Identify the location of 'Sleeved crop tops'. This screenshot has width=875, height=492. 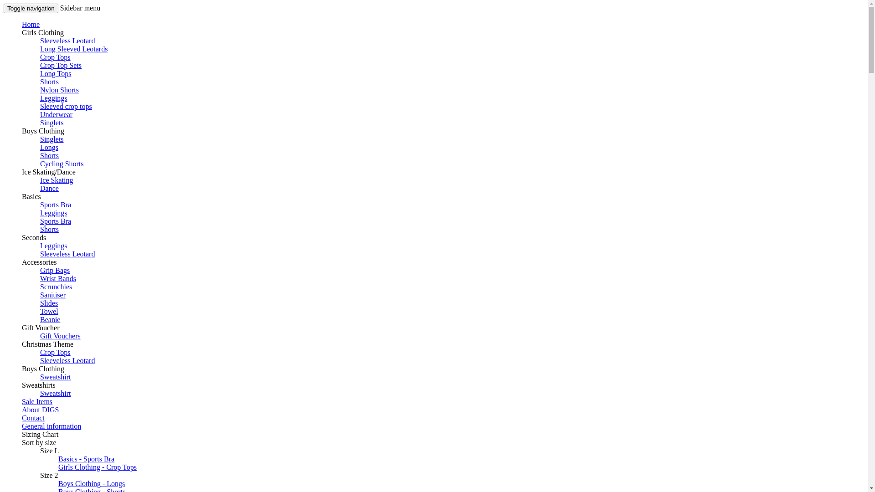
(39, 106).